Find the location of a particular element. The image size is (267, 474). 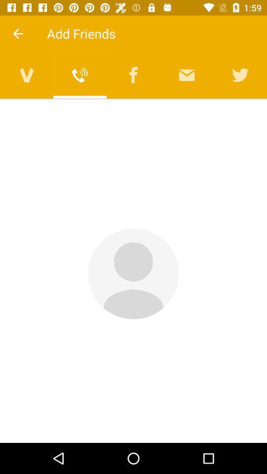

the call icon is located at coordinates (80, 75).